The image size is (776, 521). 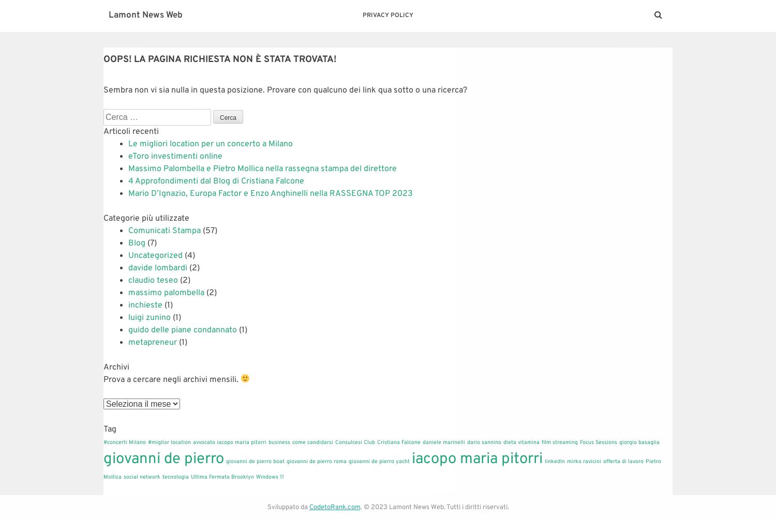 I want to click on 'Privacy Policy', so click(x=386, y=16).